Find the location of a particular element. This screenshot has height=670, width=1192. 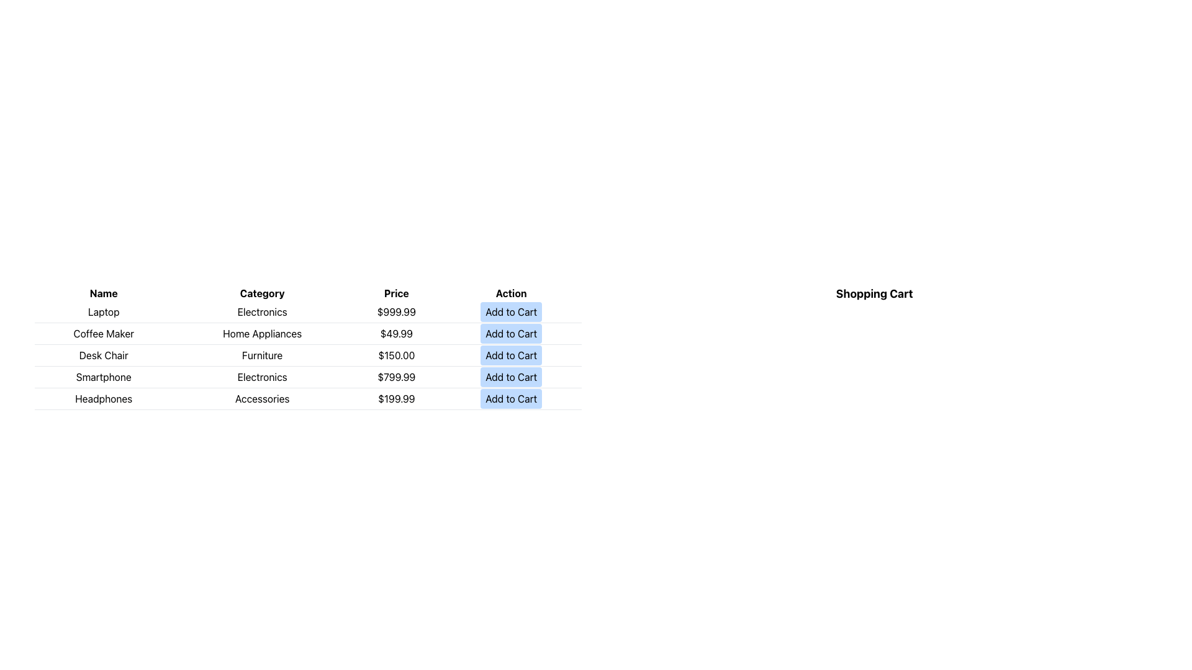

the 'Desk Chair' product row in the product table, which includes details like name, category, price, and an 'Add to Cart' button is located at coordinates (308, 355).